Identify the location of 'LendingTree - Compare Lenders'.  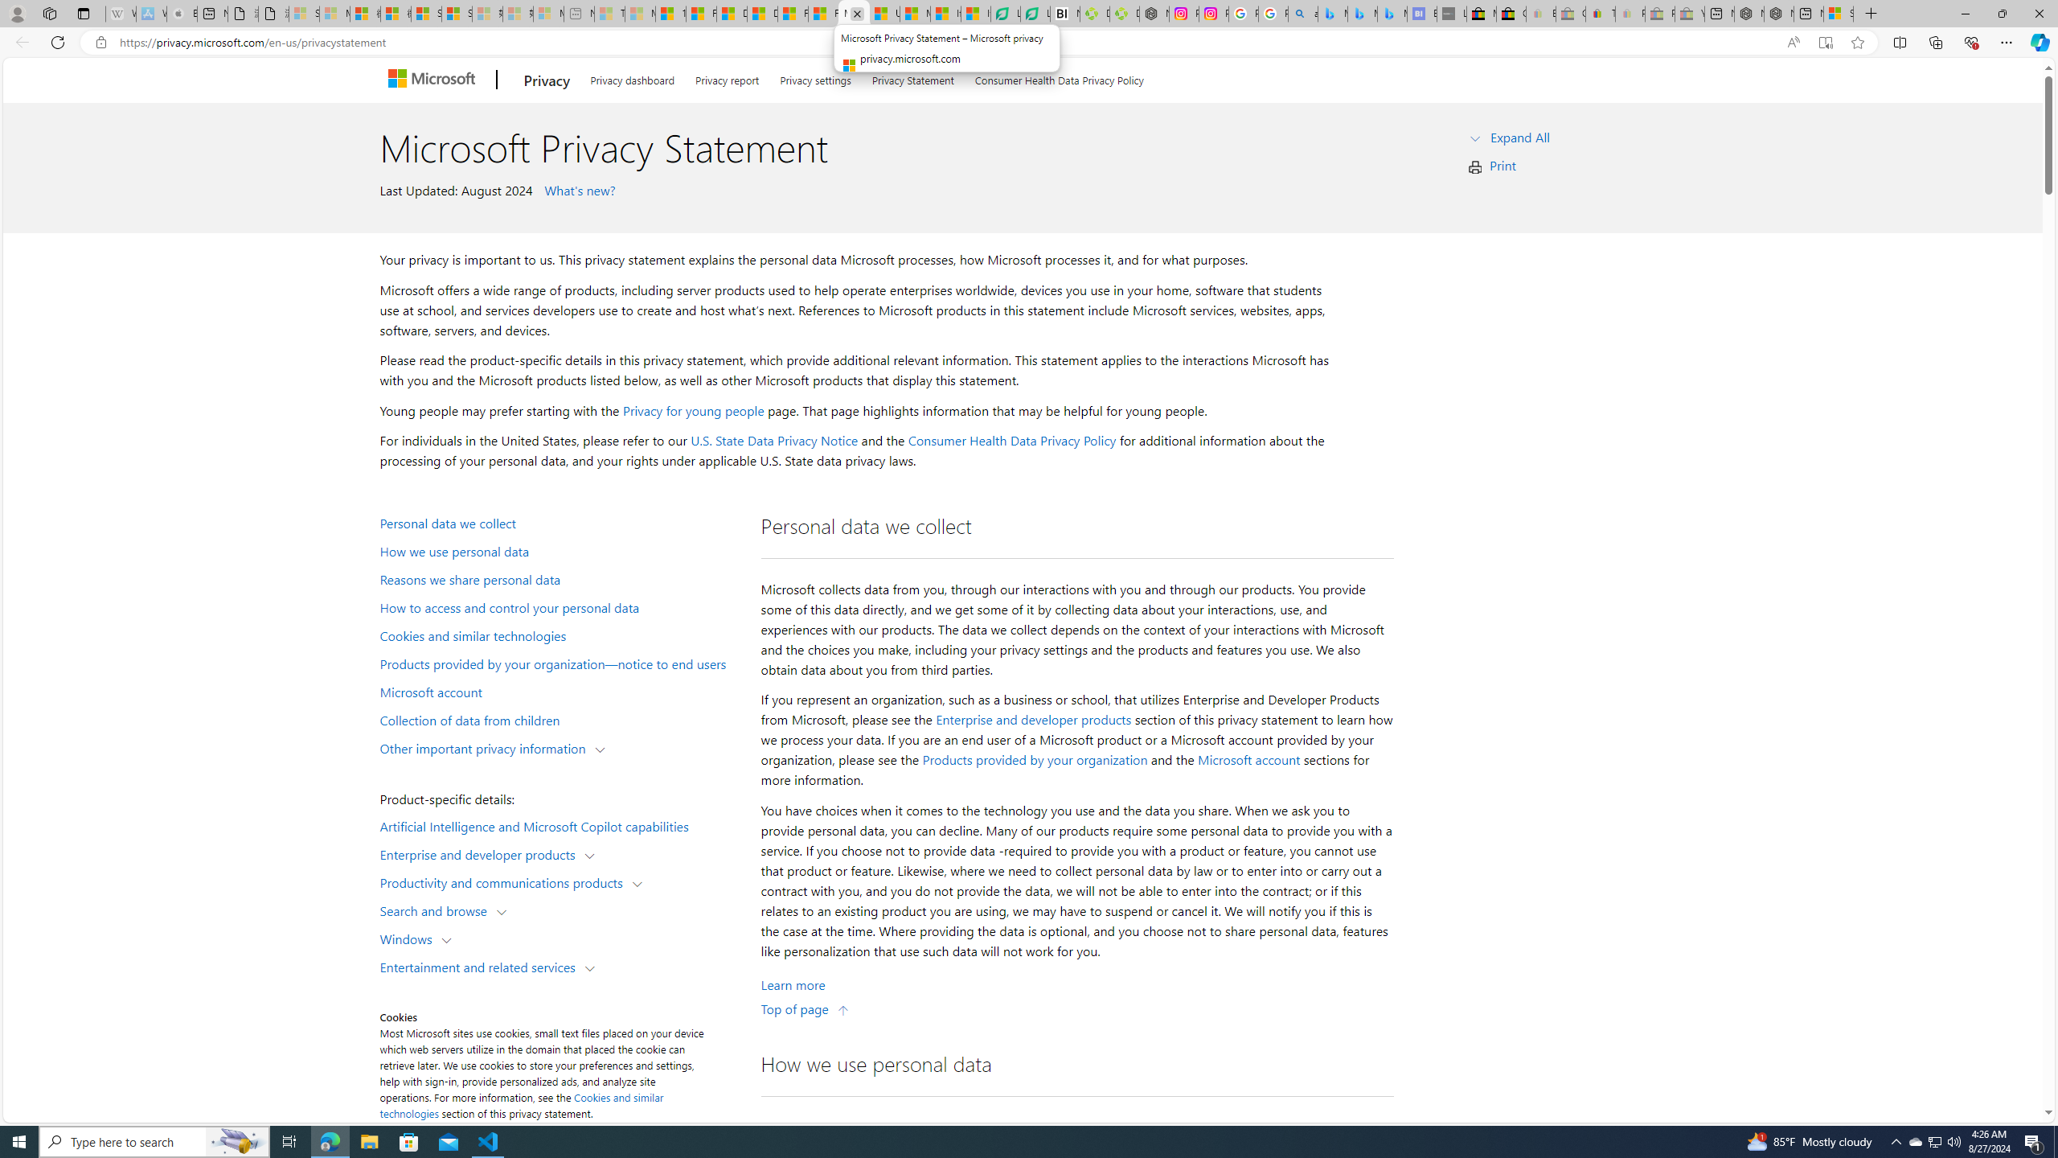
(1035, 13).